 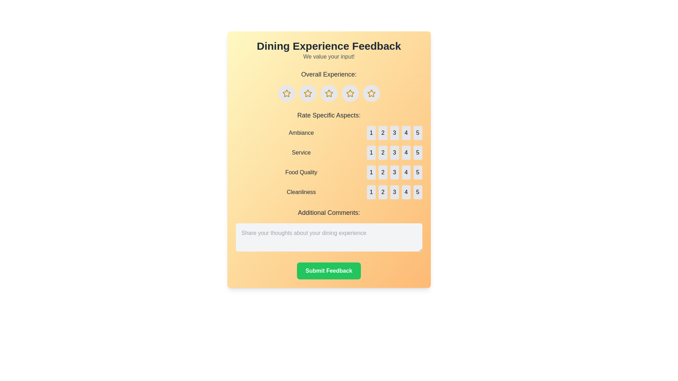 What do you see at coordinates (301, 173) in the screenshot?
I see `the 'Food Quality' rating label, which is the third label in the vertical series of rating sections, located in the 'Rate Specific Aspects:' subsection of the feedback form` at bounding box center [301, 173].